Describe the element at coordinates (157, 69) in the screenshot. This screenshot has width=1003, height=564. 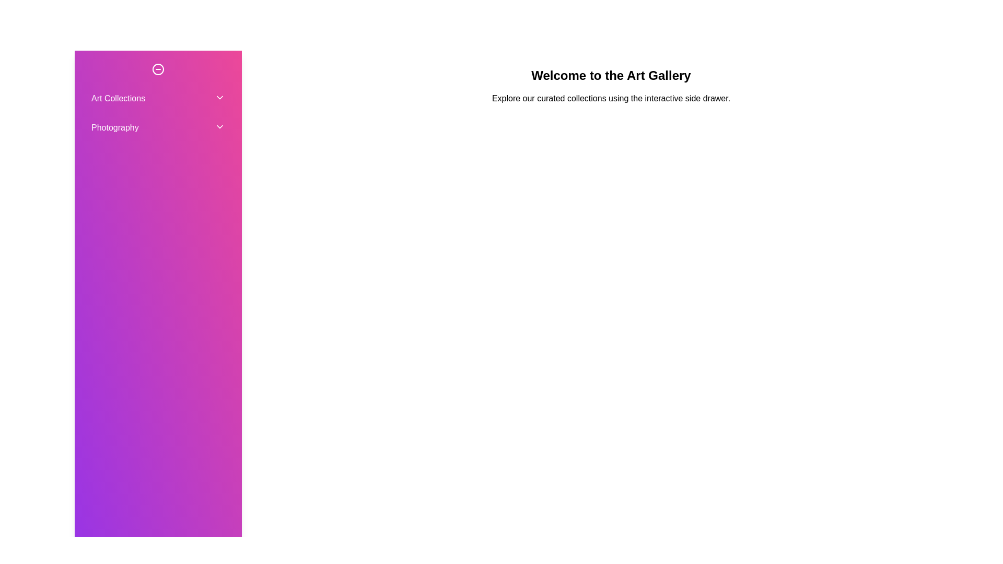
I see `the toggle button at the top of the drawer to change its state` at that location.